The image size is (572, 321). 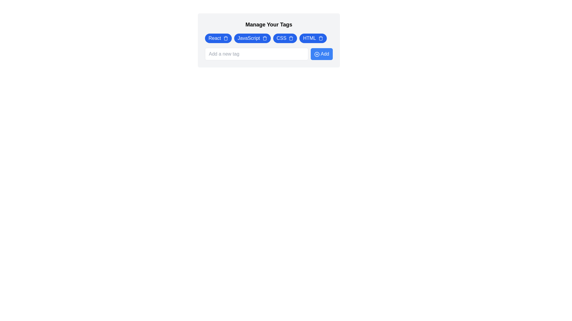 I want to click on the 'Add' button with a blue background and a circular plus icon, so click(x=321, y=54).